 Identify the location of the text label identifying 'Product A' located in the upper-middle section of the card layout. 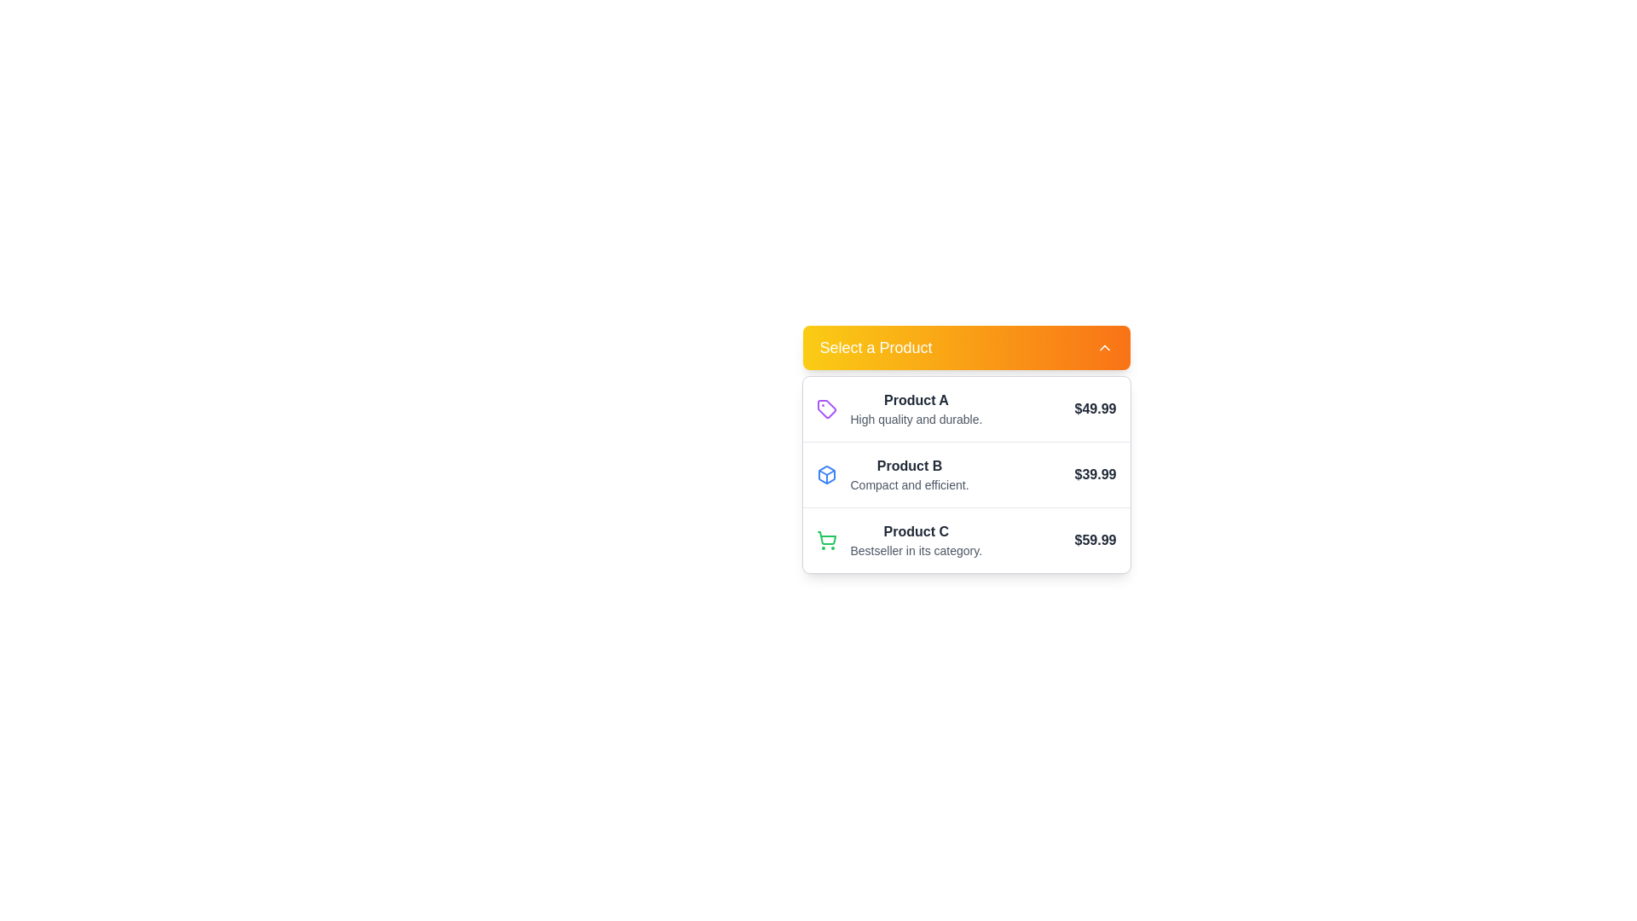
(916, 401).